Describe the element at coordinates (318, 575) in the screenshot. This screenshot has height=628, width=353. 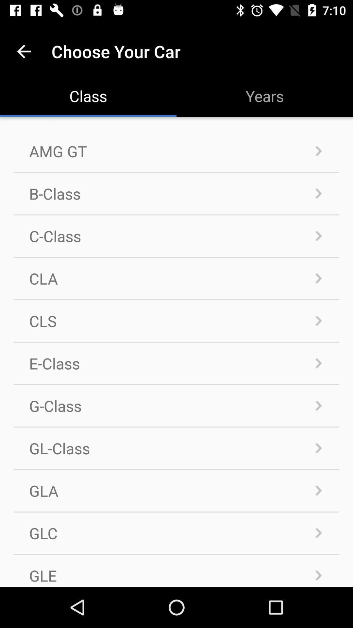
I see `the icon which is on the bottom of the  right corner` at that location.